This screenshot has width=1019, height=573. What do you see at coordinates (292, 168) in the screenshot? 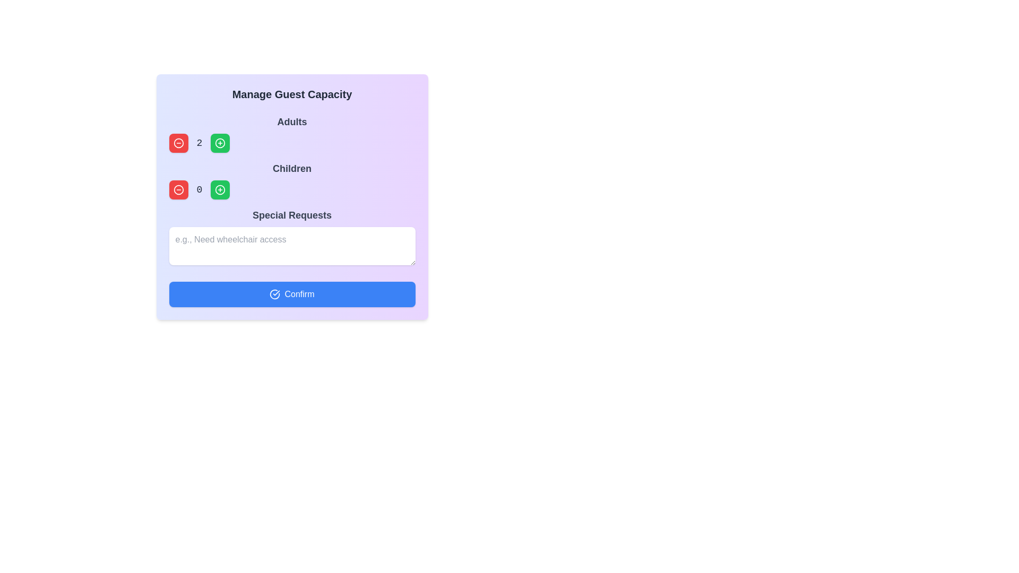
I see `the label that indicates the section for managing the number of children, located near the center of the panel, directly below the 'Adults' section and above the 'Special Requests' input field` at bounding box center [292, 168].